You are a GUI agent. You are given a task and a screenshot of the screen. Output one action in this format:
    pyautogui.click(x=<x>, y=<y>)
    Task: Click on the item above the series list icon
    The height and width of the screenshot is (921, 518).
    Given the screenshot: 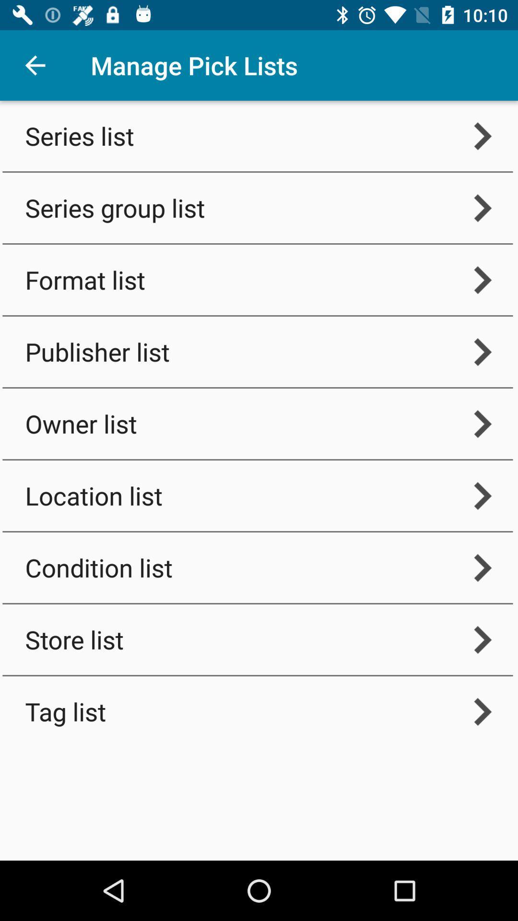 What is the action you would take?
    pyautogui.click(x=35, y=65)
    